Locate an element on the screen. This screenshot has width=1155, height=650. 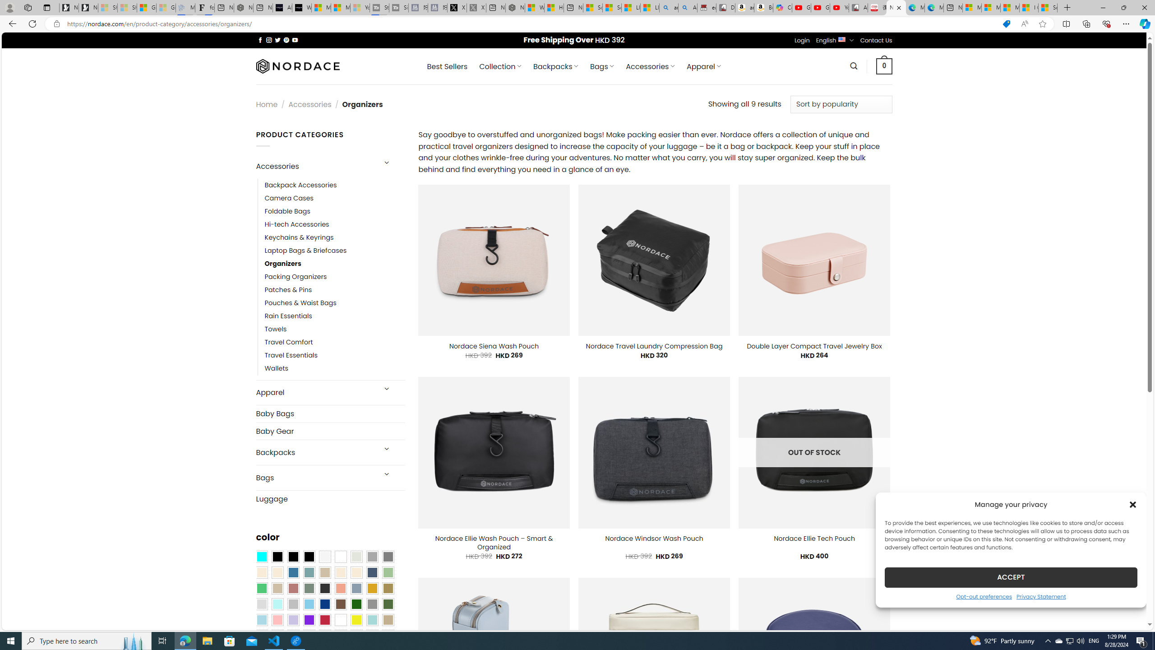
'Rain Essentials' is located at coordinates (287, 316).